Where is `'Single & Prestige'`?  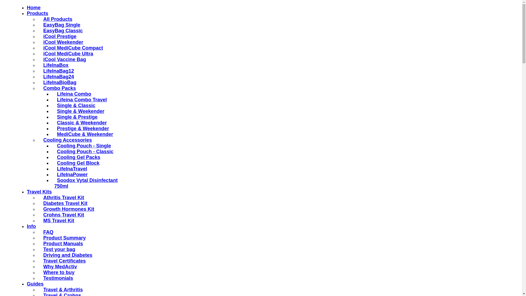 'Single & Prestige' is located at coordinates (54, 117).